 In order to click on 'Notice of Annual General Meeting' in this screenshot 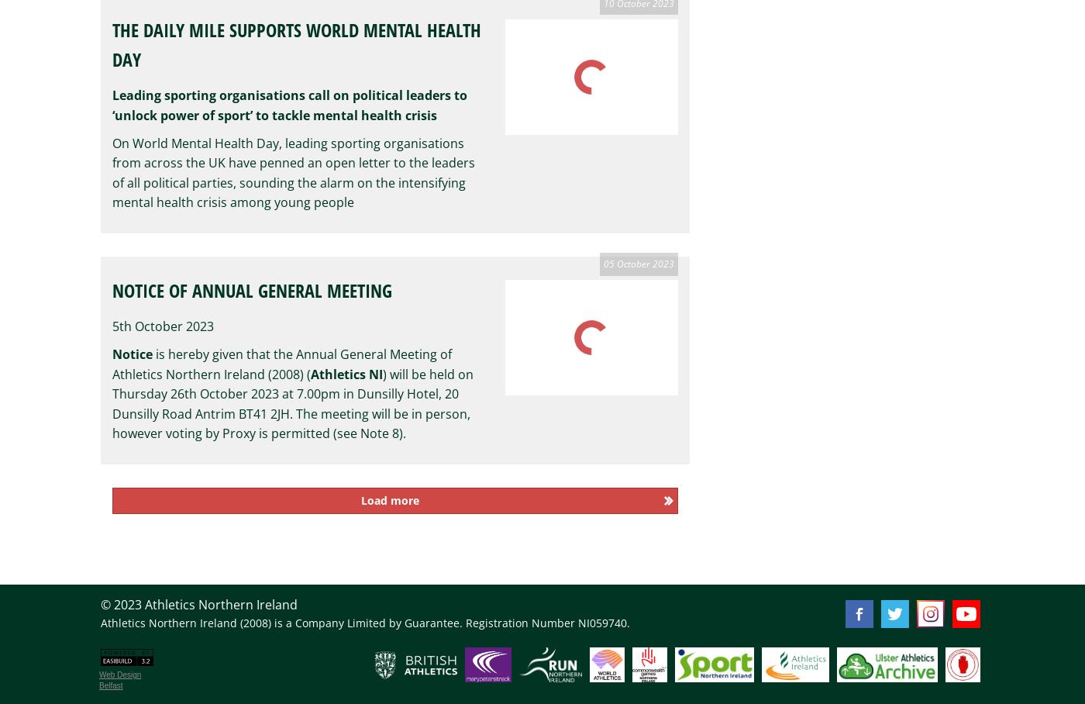, I will do `click(252, 289)`.